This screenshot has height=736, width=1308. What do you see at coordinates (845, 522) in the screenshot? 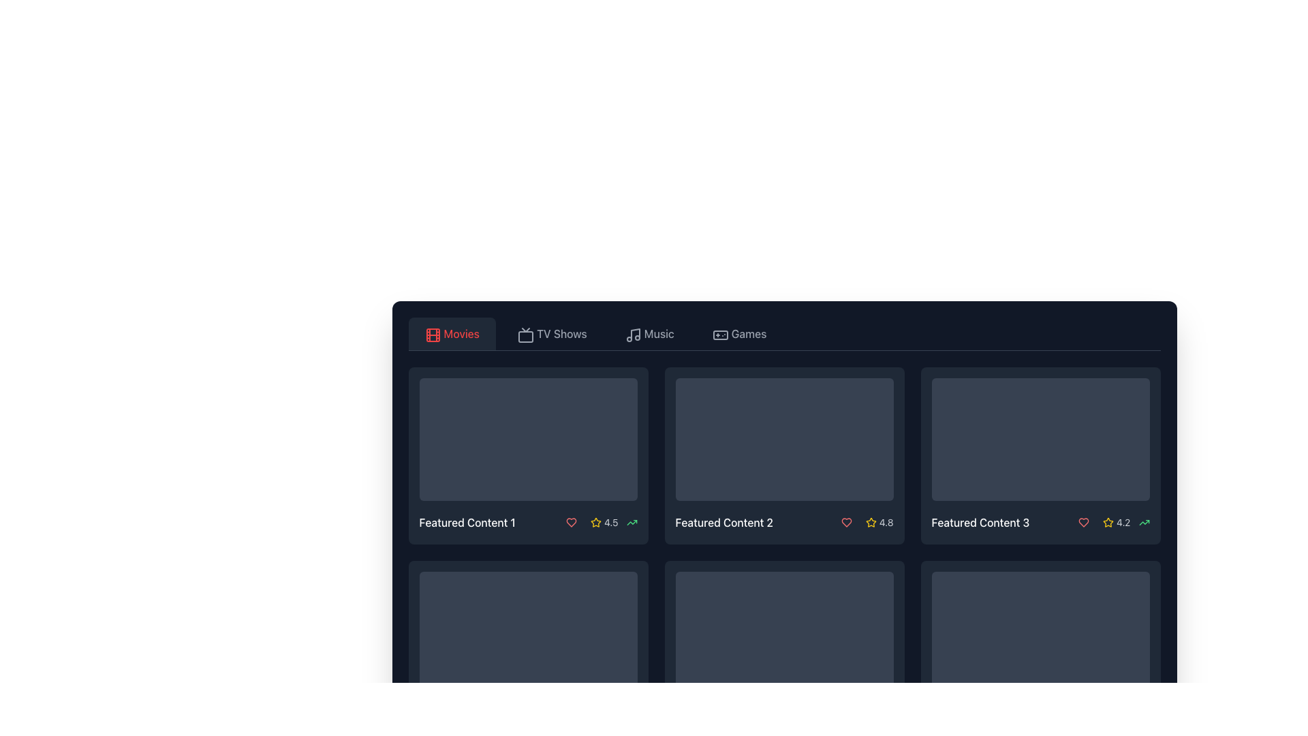
I see `the heart-shaped icon button located in the second content card of the second row of the grid layout` at bounding box center [845, 522].